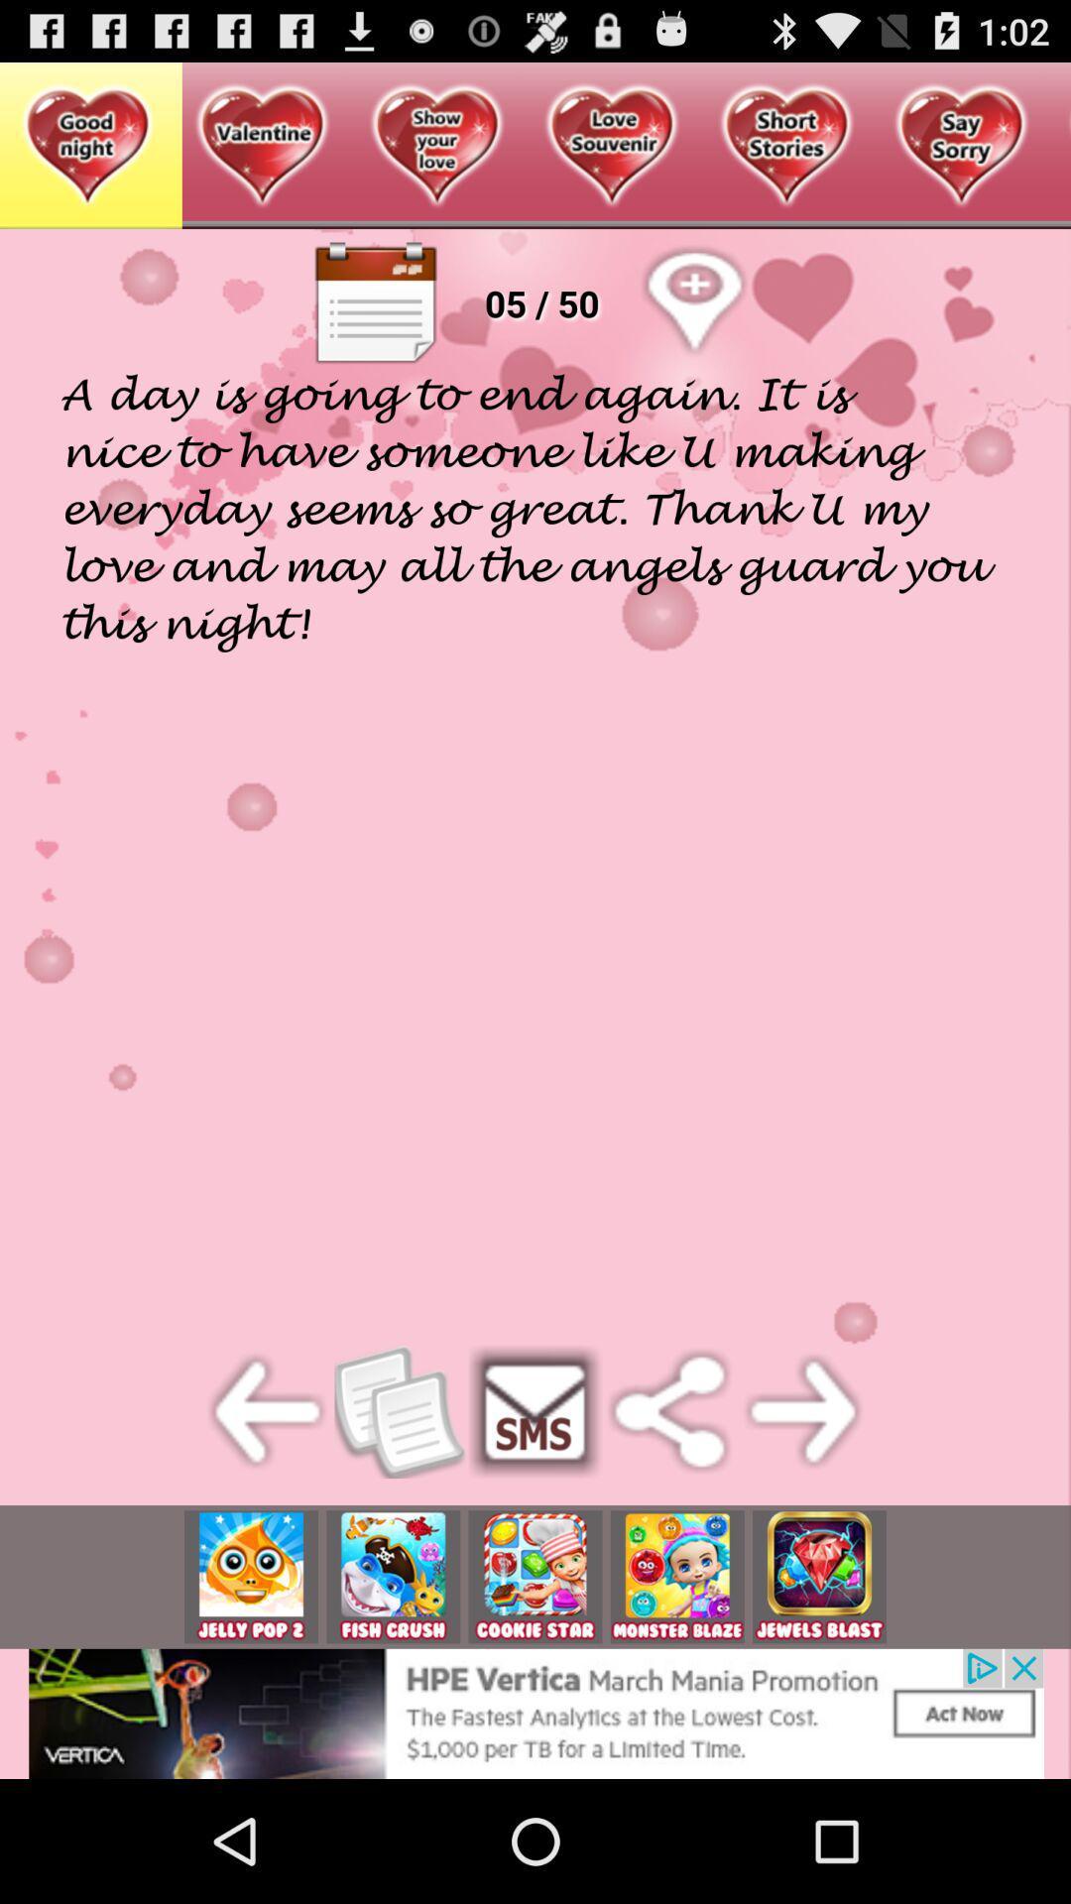 This screenshot has height=1904, width=1071. Describe the element at coordinates (393, 1576) in the screenshot. I see `advertisement` at that location.